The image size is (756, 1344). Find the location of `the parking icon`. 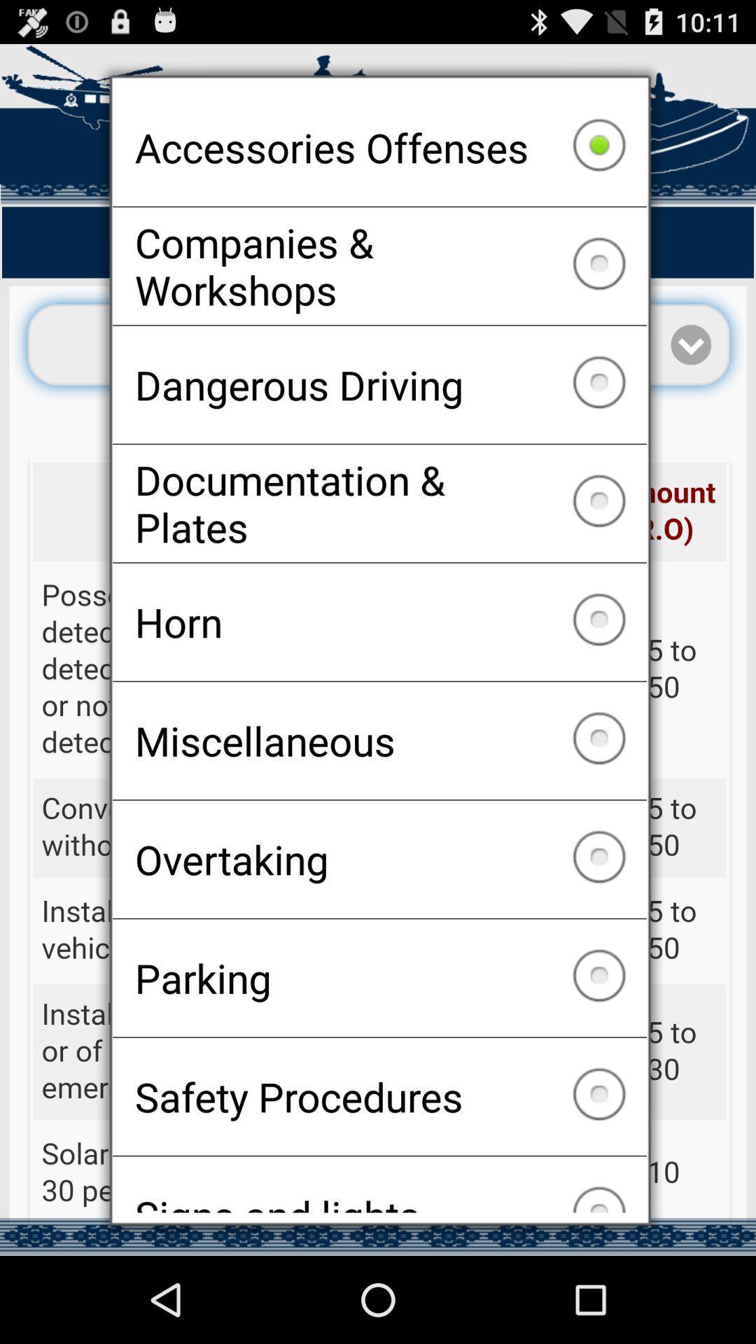

the parking icon is located at coordinates (379, 977).